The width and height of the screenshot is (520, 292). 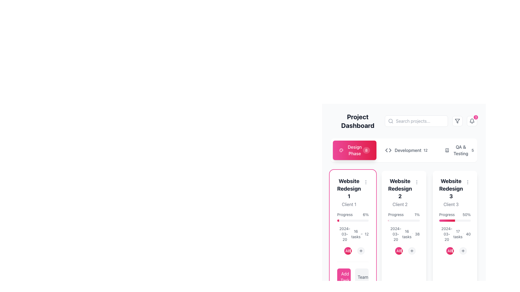 What do you see at coordinates (425, 150) in the screenshot?
I see `contents of the badge component indicating the number of items associated with the 'Development' stage, located in the horizontal menu bar to the right of 'Development' text and before the 'QA & Testing' icon` at bounding box center [425, 150].